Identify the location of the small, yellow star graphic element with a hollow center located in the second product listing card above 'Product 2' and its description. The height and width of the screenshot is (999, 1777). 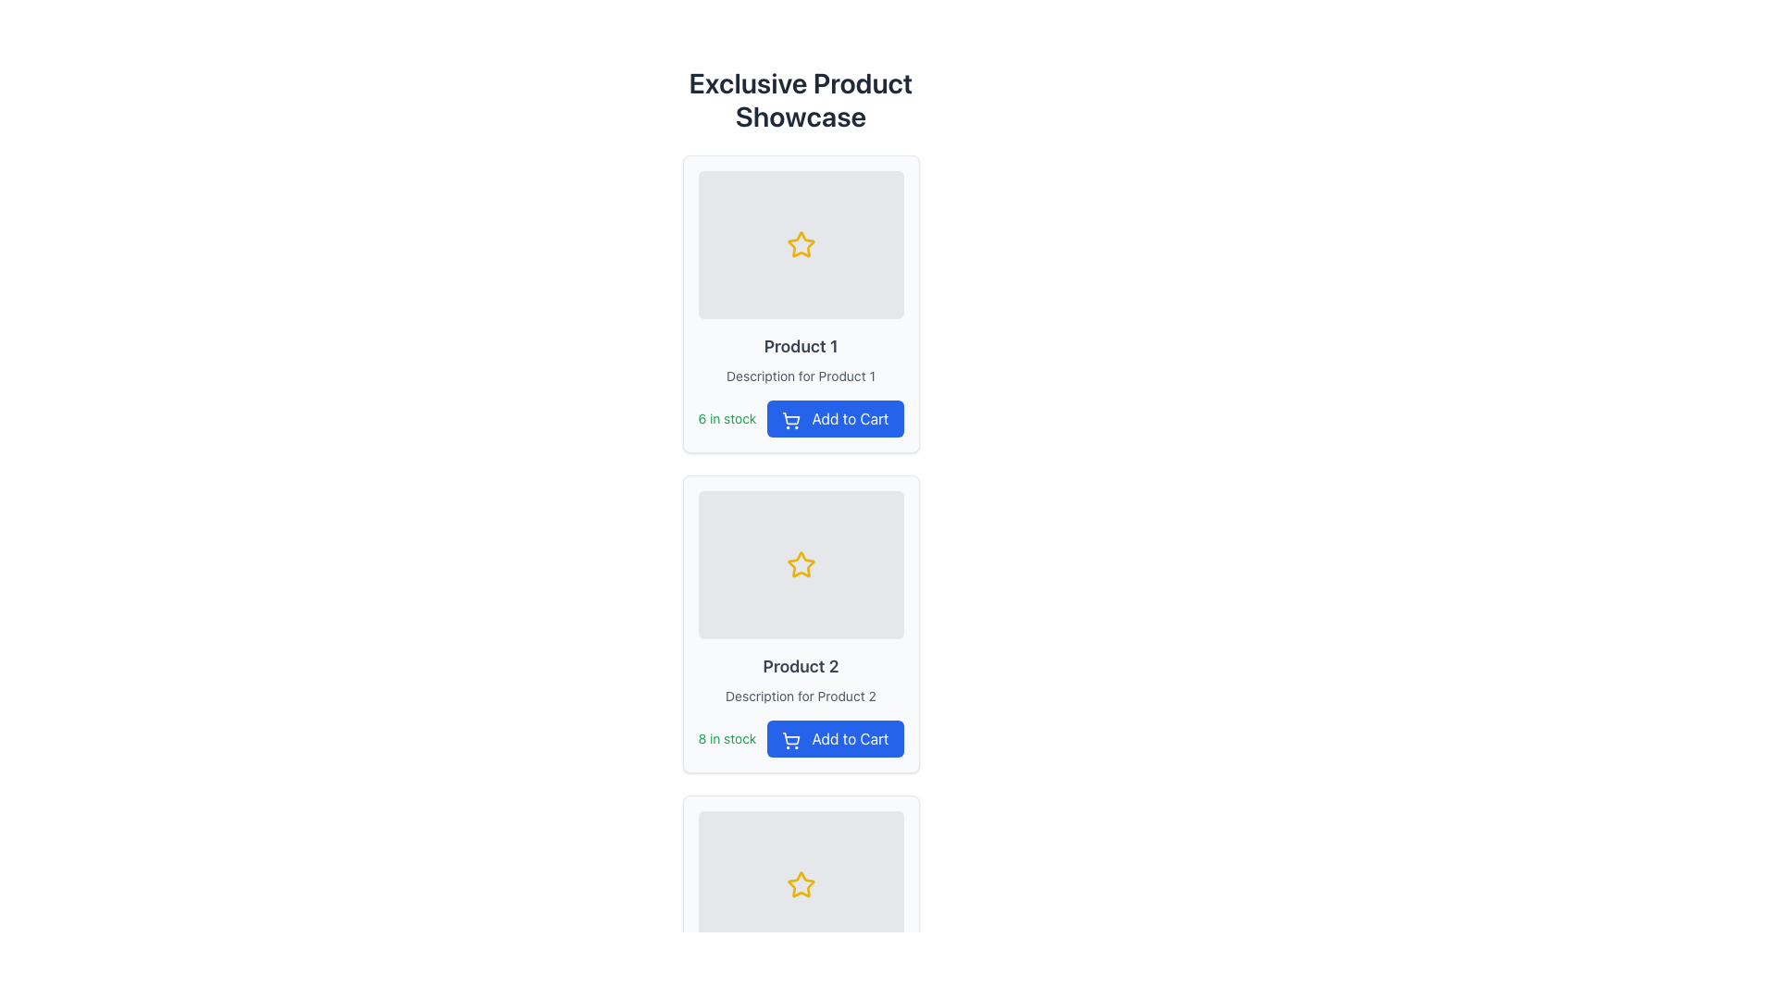
(801, 563).